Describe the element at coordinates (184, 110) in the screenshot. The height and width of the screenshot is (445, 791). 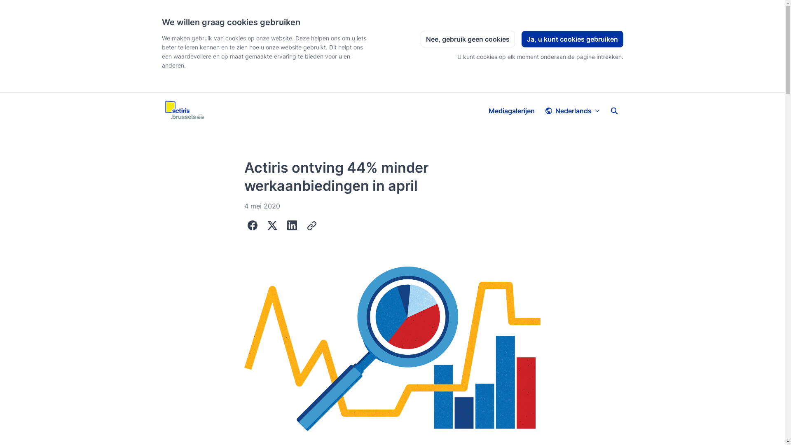
I see `'ACTIRIS'` at that location.